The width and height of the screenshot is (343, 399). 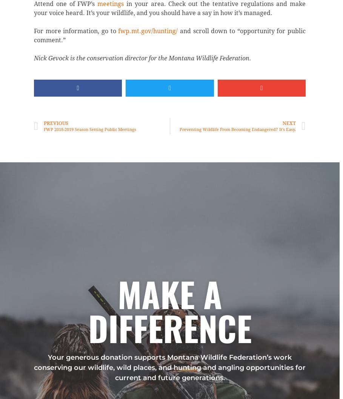 I want to click on 'fwp.mt.gov/hunting/', so click(x=148, y=31).